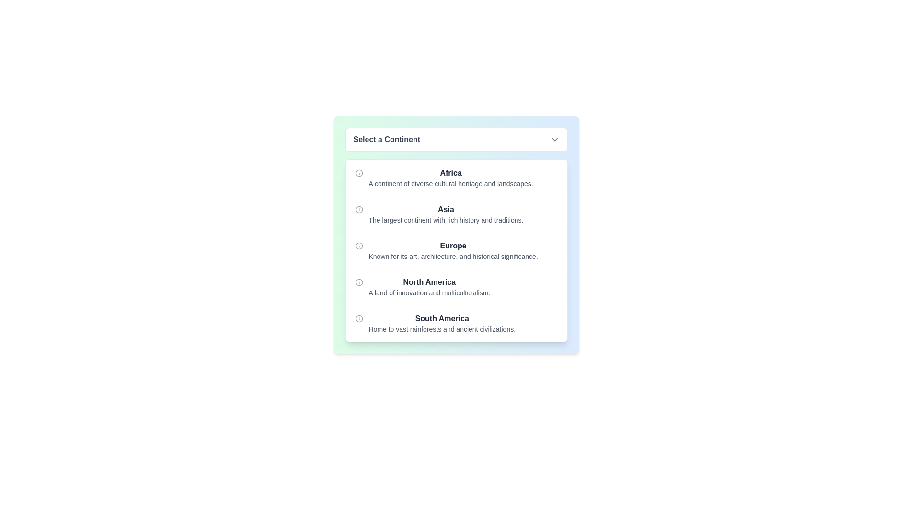  I want to click on the text label that states 'Home to vast rainforests and ancient civilizations.' located below the heading 'South America', so click(441, 328).